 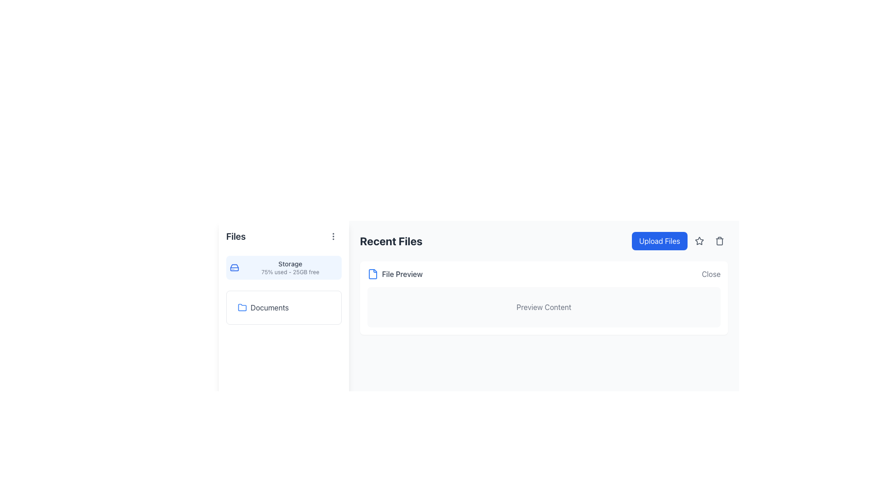 I want to click on the static text label displaying 'Preview Content' in gray color, located within the light gray background of the 'File Preview' section, so click(x=544, y=307).